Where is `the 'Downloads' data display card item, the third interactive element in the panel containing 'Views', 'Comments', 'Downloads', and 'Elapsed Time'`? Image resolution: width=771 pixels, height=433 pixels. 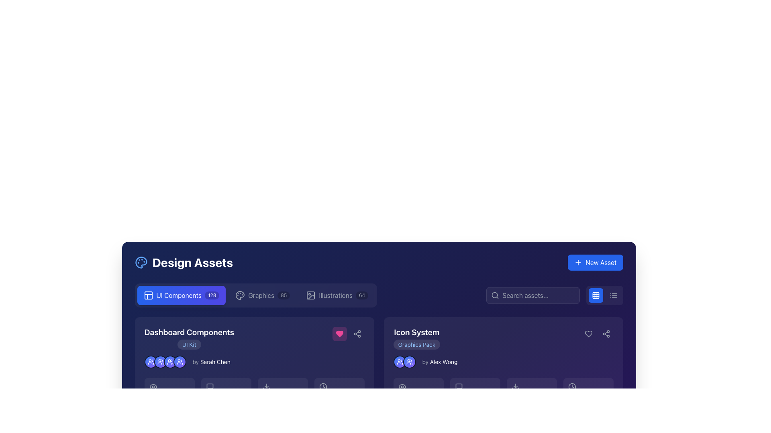
the 'Downloads' data display card item, the third interactive element in the panel containing 'Views', 'Comments', 'Downloads', and 'Elapsed Time' is located at coordinates (254, 392).